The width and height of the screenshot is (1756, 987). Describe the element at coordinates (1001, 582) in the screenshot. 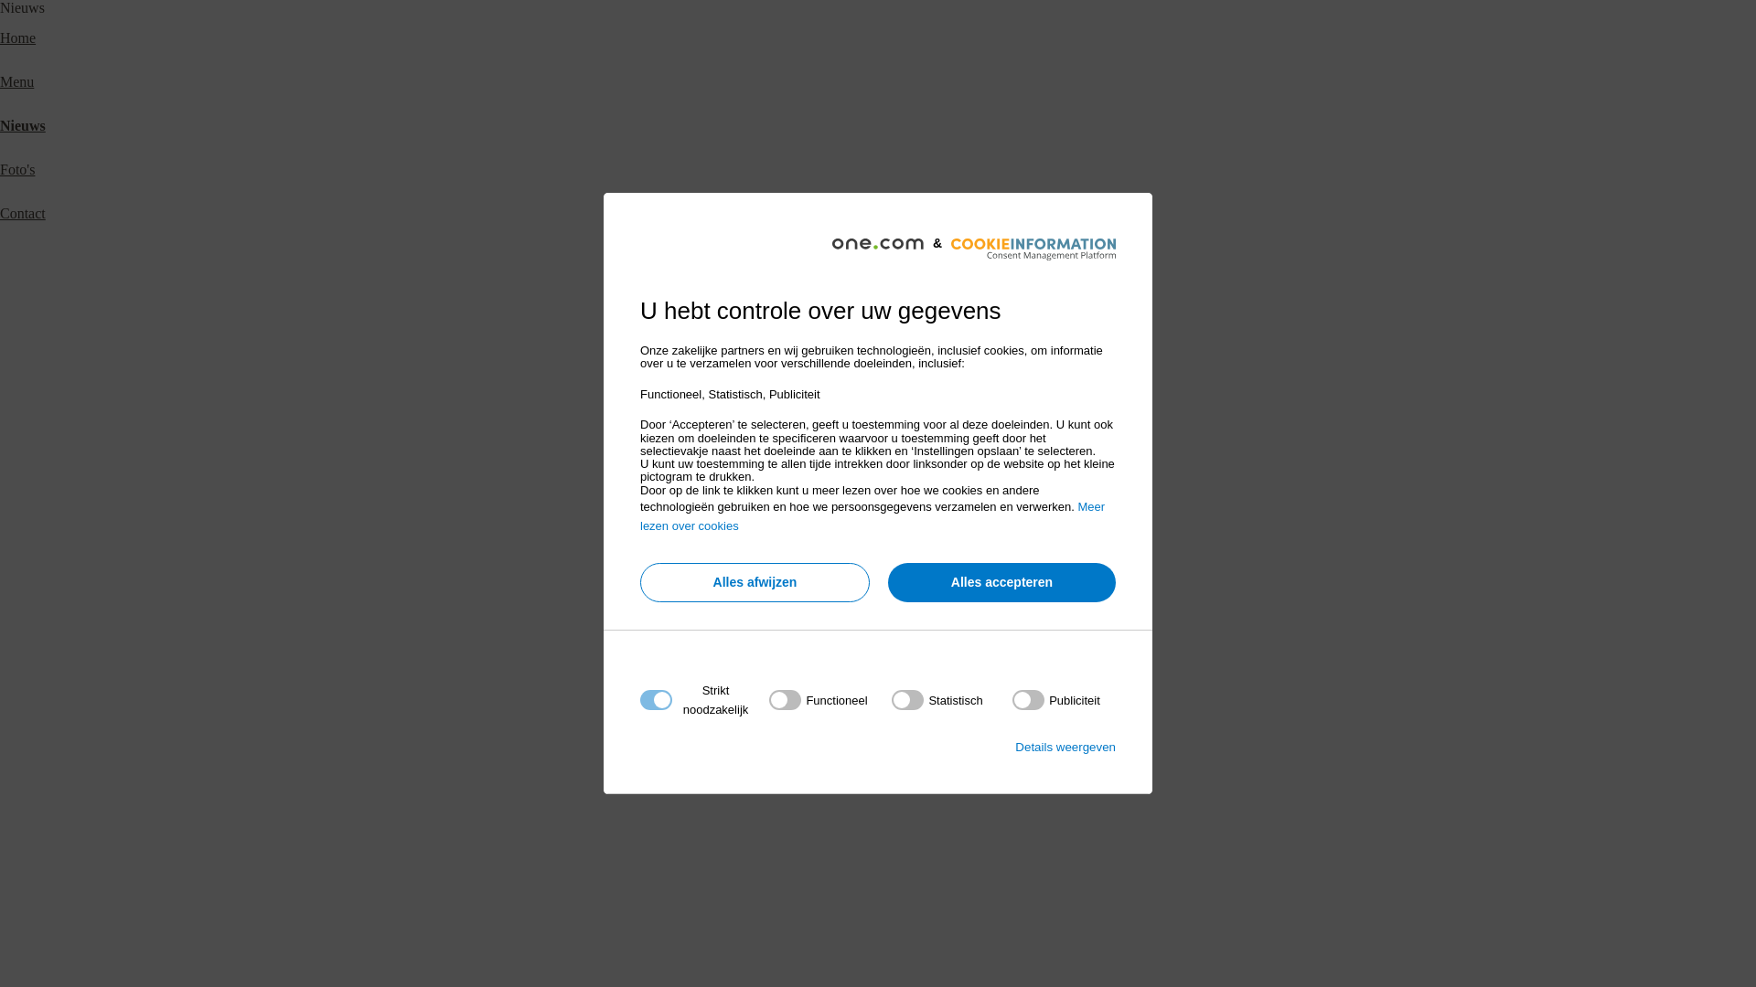

I see `'Alles accepteren'` at that location.